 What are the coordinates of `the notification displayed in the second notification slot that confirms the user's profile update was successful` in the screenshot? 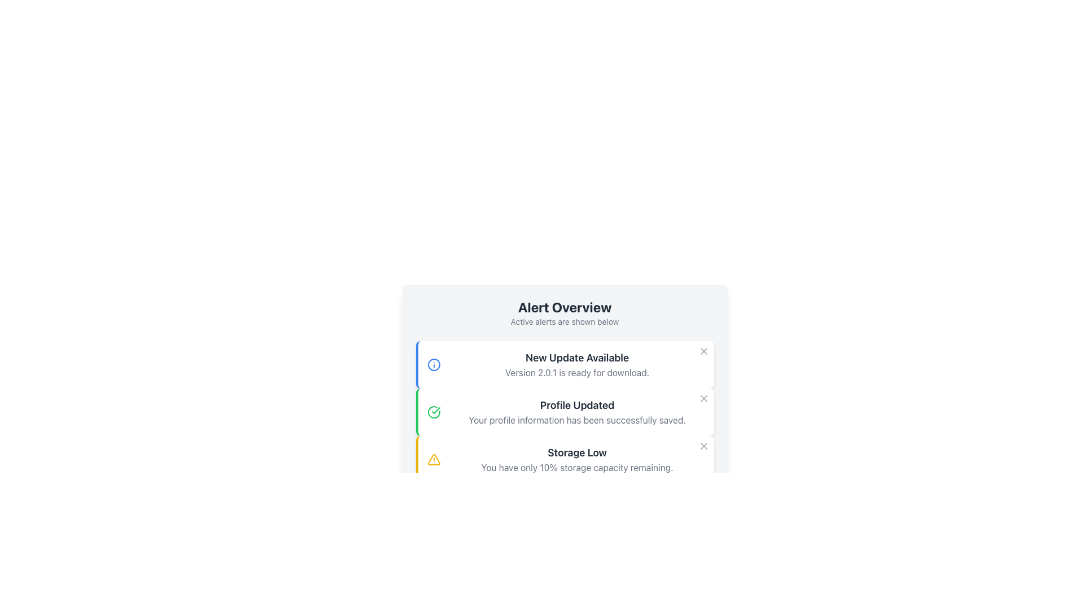 It's located at (577, 412).